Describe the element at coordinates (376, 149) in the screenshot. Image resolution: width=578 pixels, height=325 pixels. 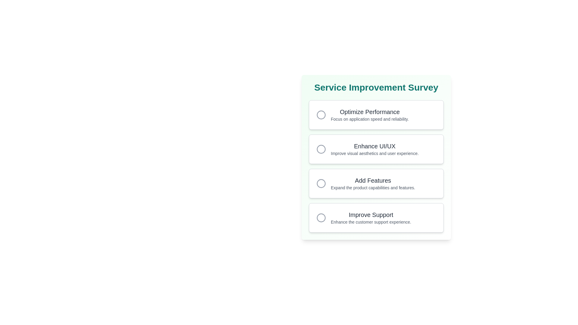
I see `the second Selectable option card labeled 'Enhance UI/UX' in the 'Service Improvement Survey' section to apply hover effects` at that location.